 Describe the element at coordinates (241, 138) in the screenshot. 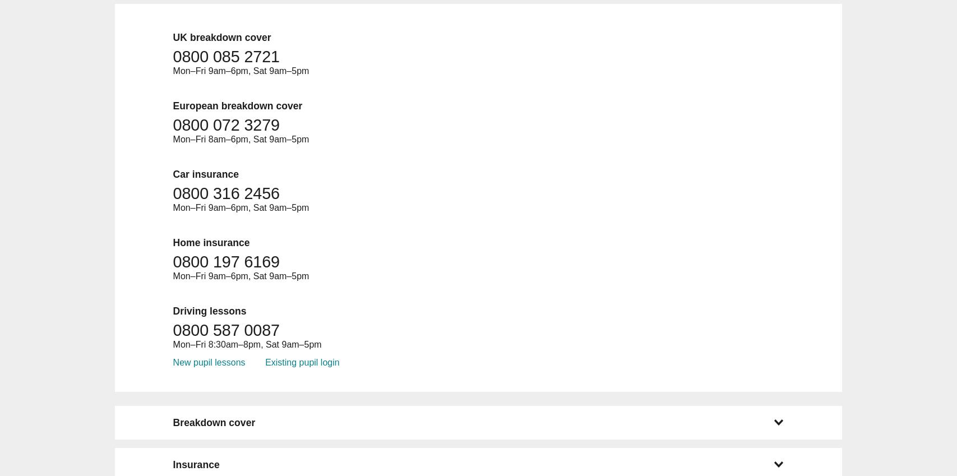

I see `'Mon–Fri 8am–6pm, Sat 9am–5pm'` at that location.